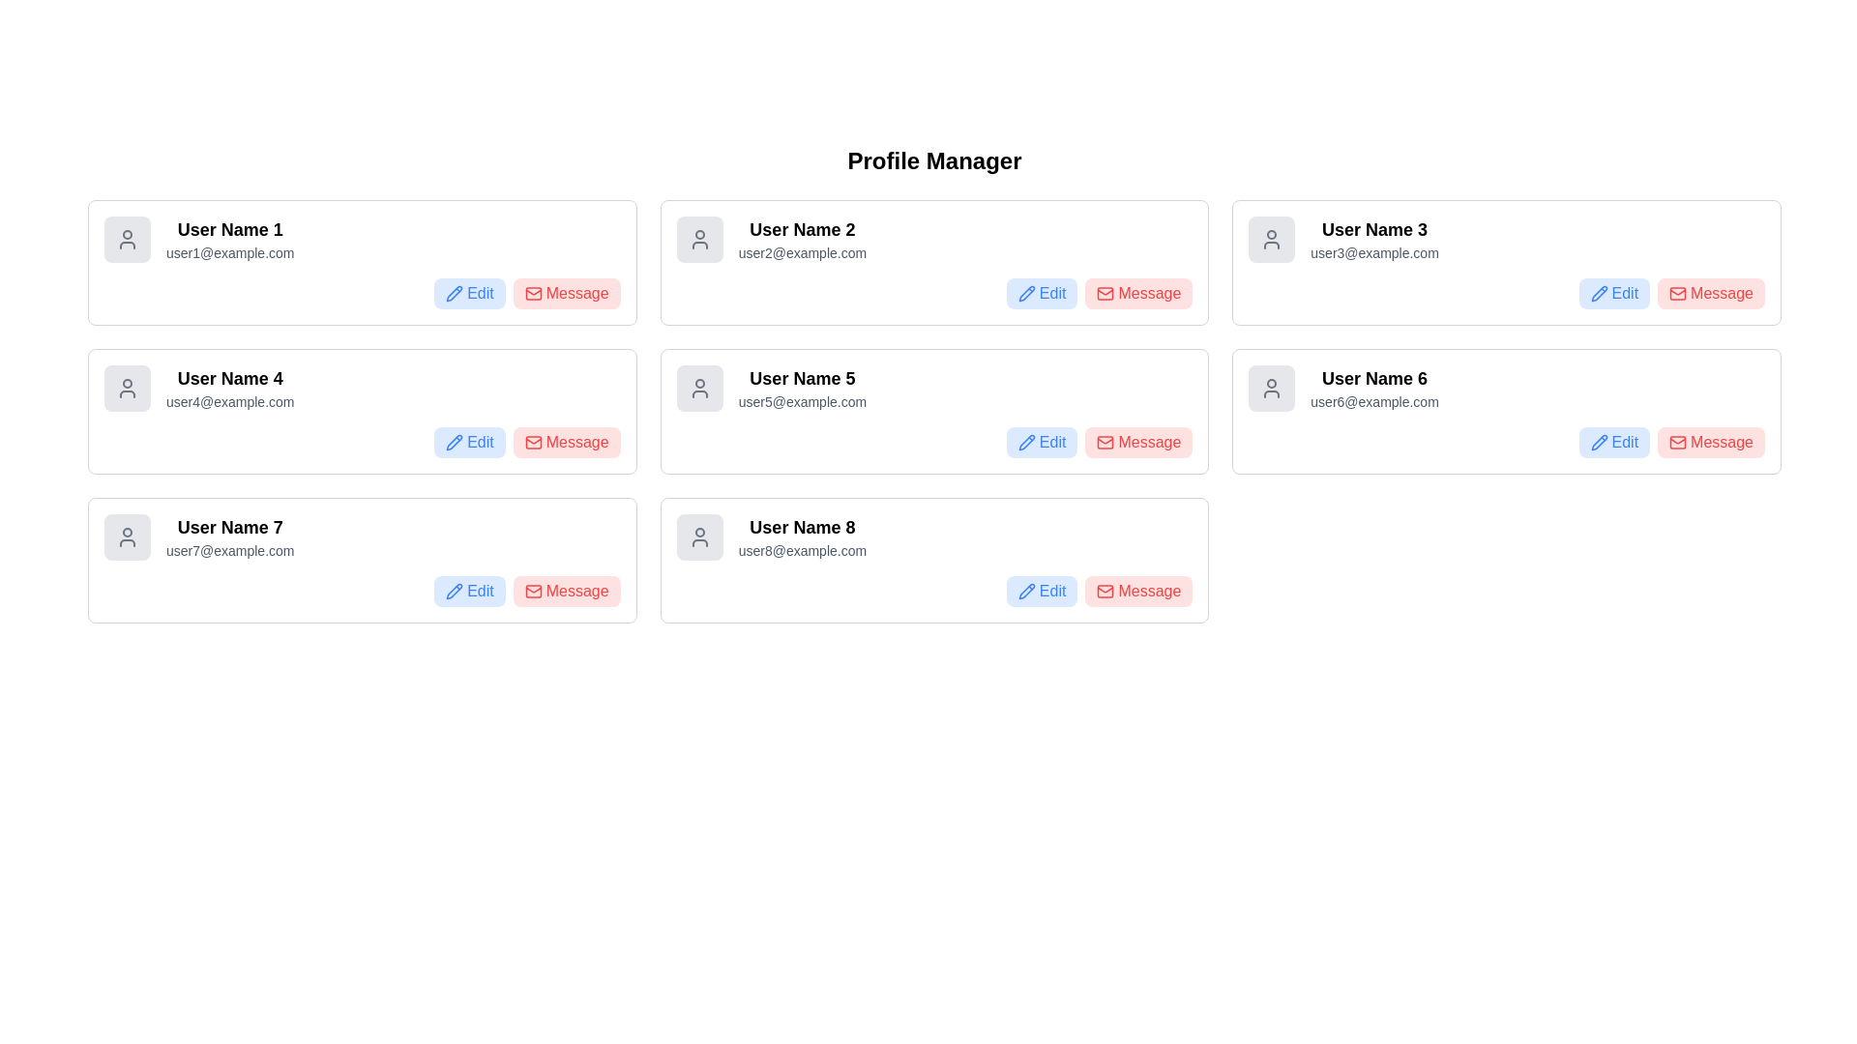 The image size is (1857, 1044). What do you see at coordinates (1025, 294) in the screenshot?
I see `the edit icon button located in the upper-right corner of User Name 2's profile card` at bounding box center [1025, 294].